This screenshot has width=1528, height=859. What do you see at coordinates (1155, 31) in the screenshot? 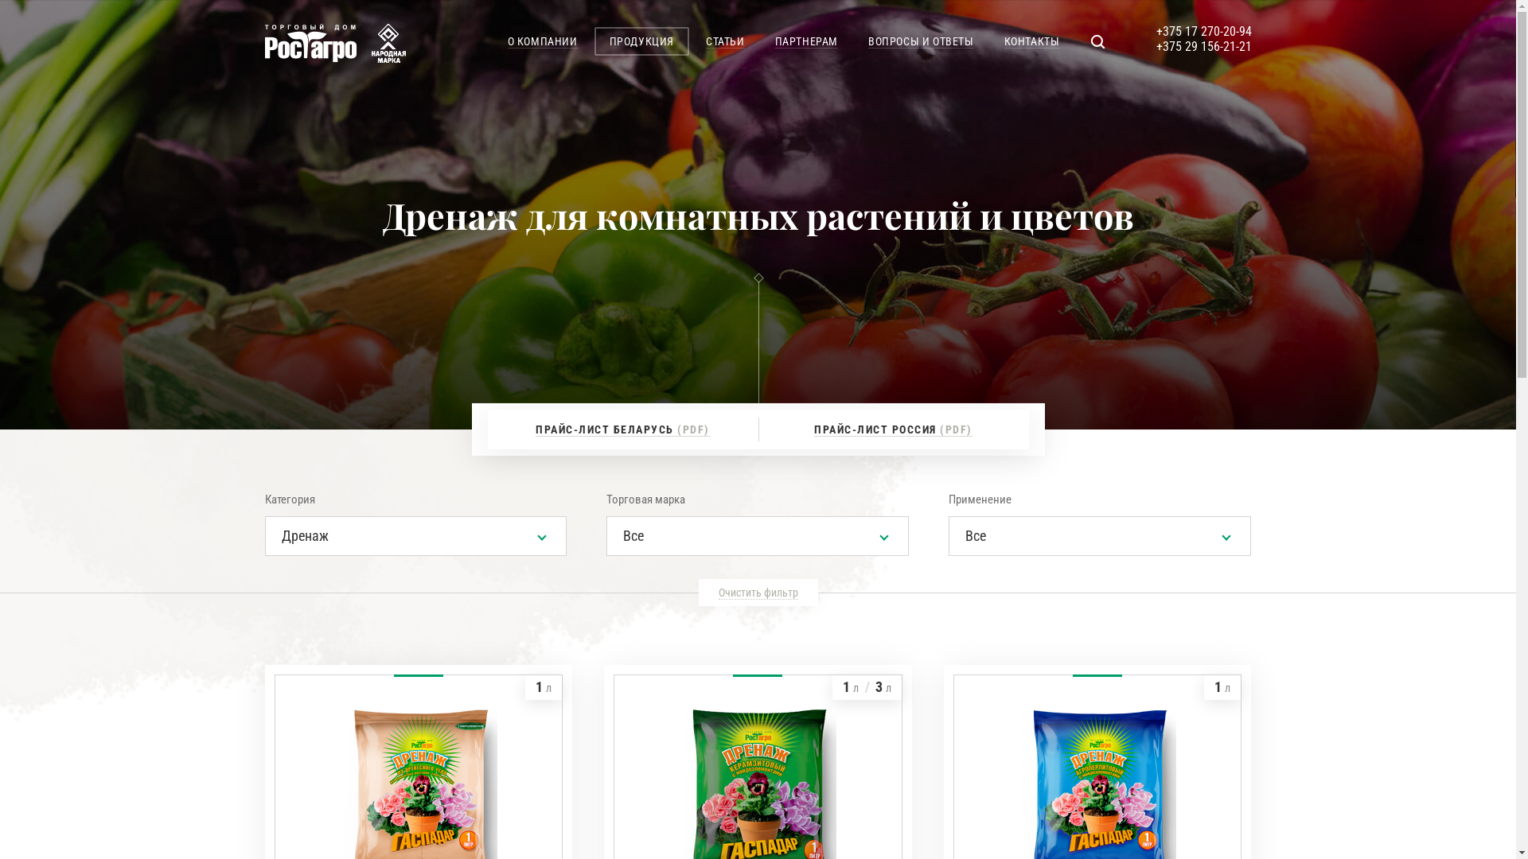
I see `'+375 17 270-20-94'` at bounding box center [1155, 31].